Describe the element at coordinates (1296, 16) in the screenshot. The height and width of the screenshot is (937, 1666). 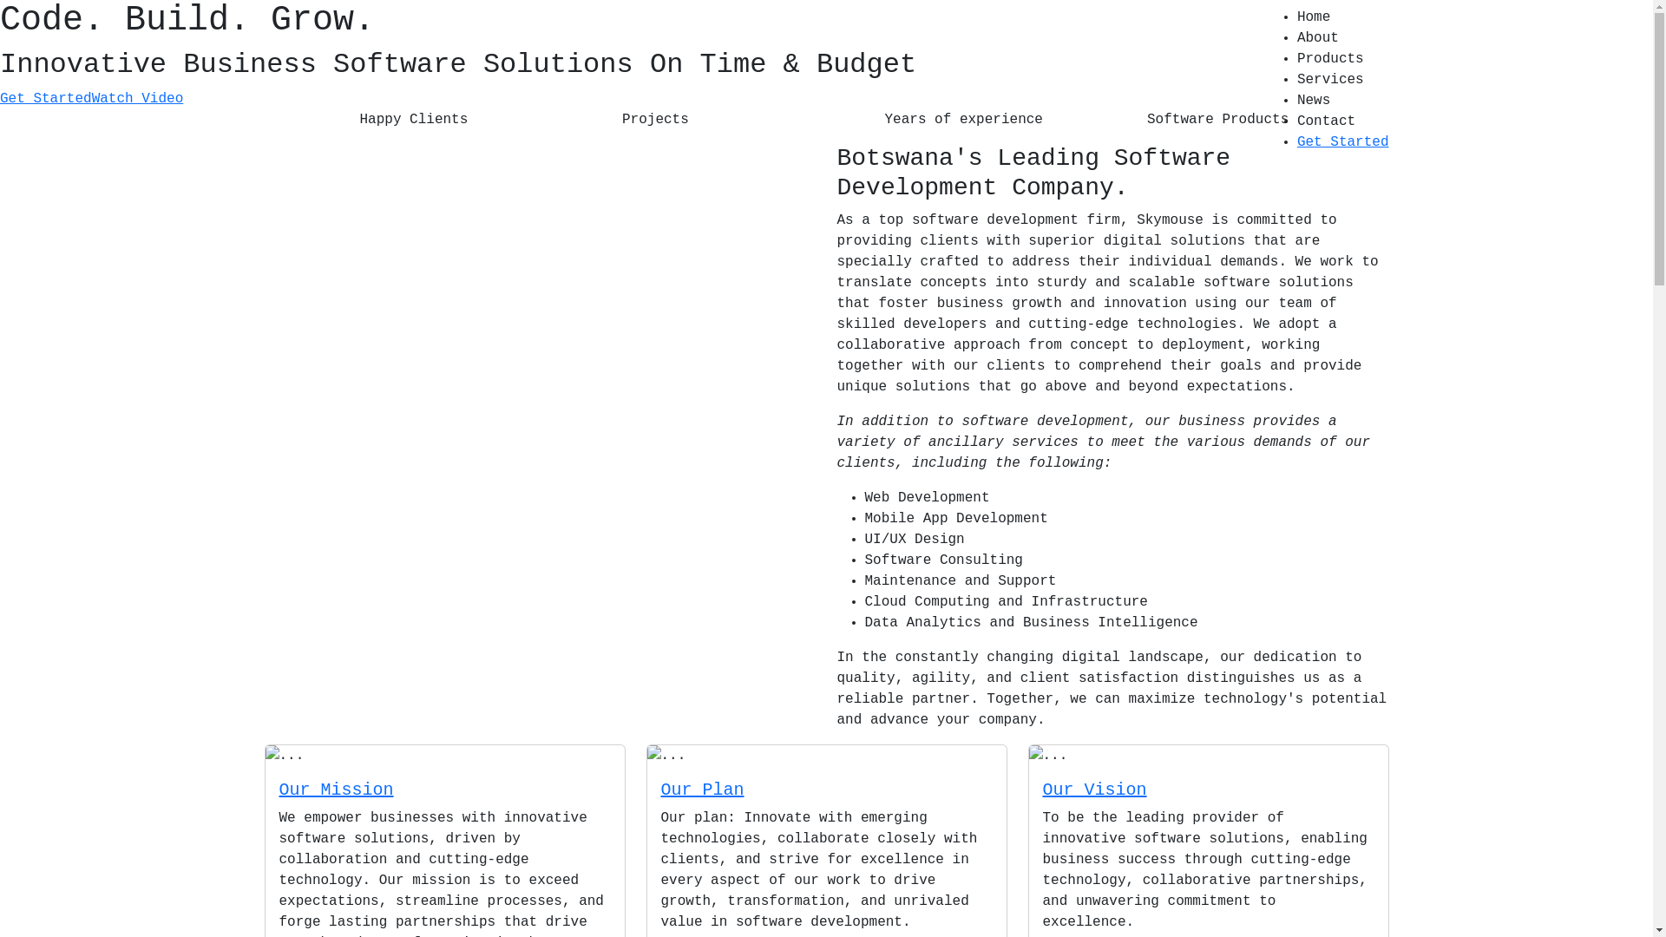
I see `'Home'` at that location.